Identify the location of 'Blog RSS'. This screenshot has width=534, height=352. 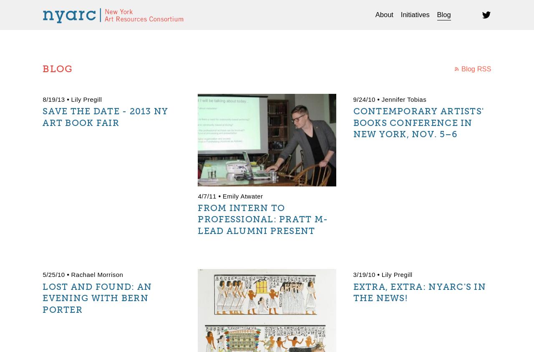
(476, 69).